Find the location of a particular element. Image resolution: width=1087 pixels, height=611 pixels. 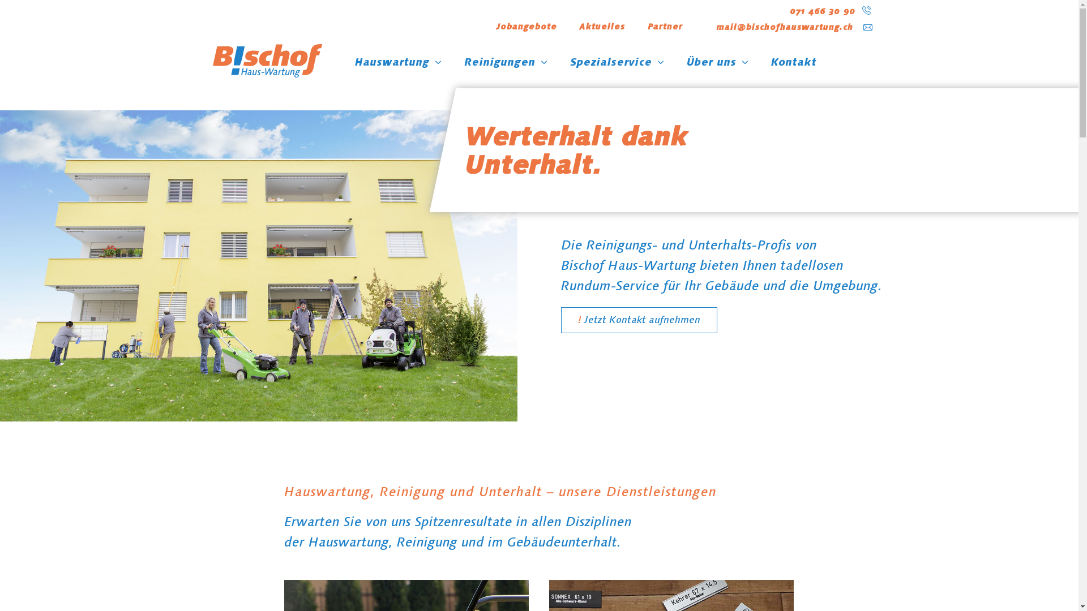

'Reinigungen' is located at coordinates (464, 66).